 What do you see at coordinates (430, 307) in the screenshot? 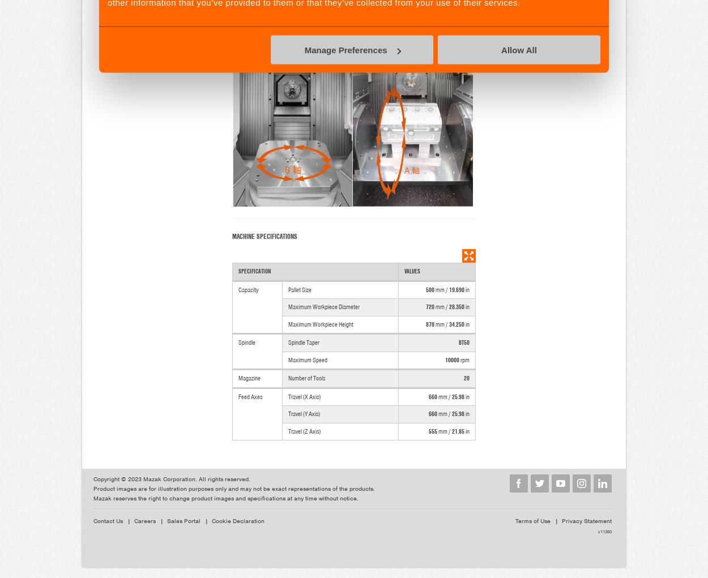
I see `'720'` at bounding box center [430, 307].